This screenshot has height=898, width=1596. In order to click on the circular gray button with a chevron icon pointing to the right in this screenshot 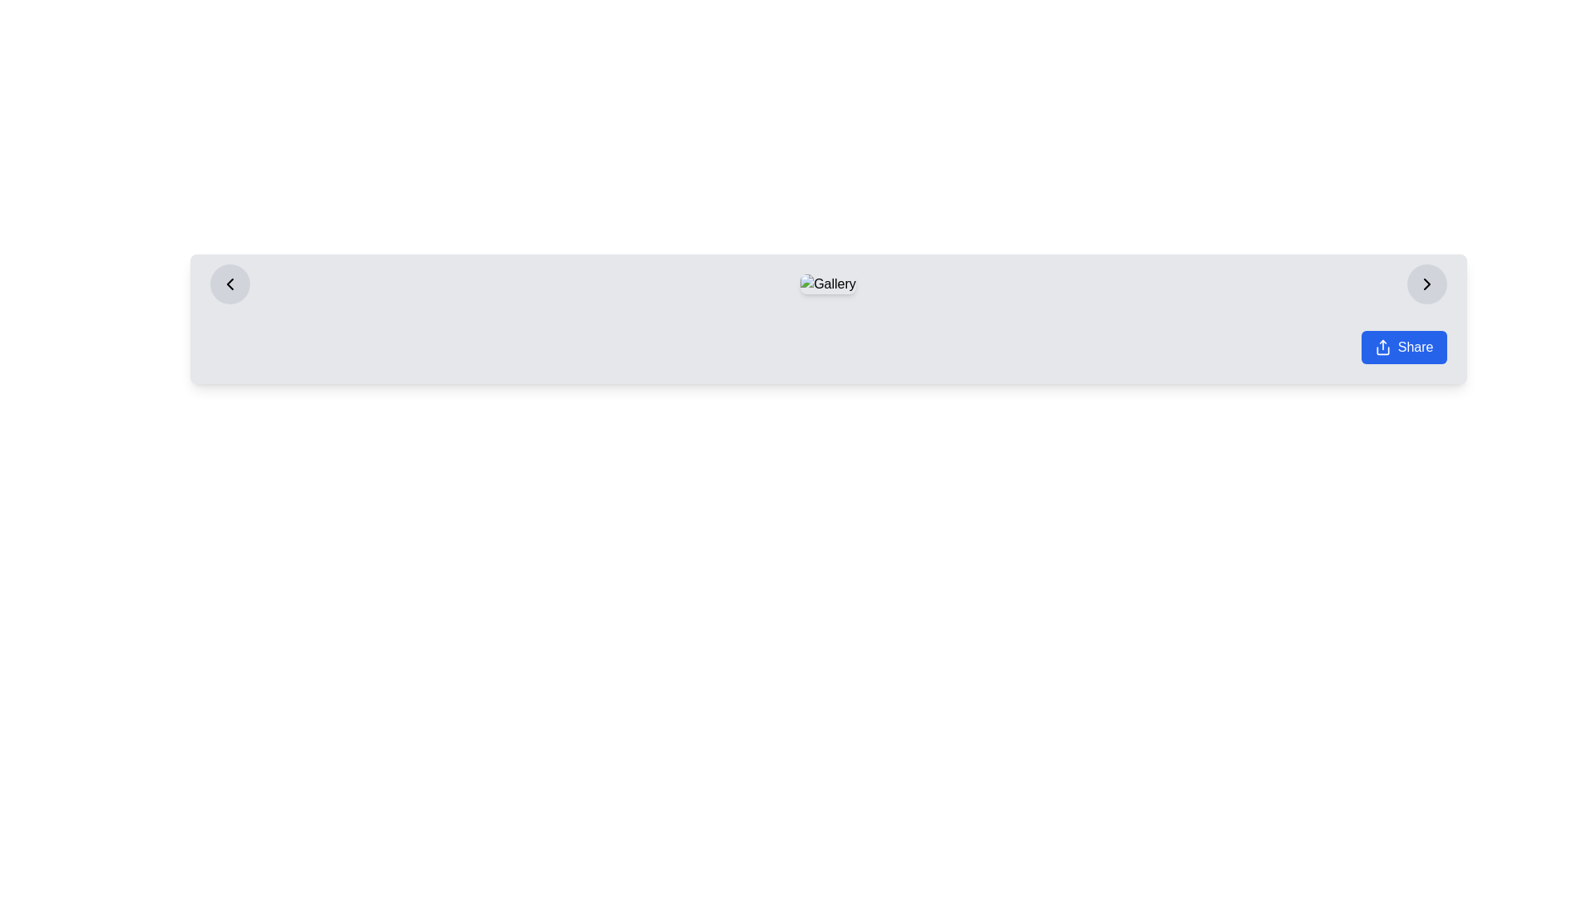, I will do `click(1426, 284)`.